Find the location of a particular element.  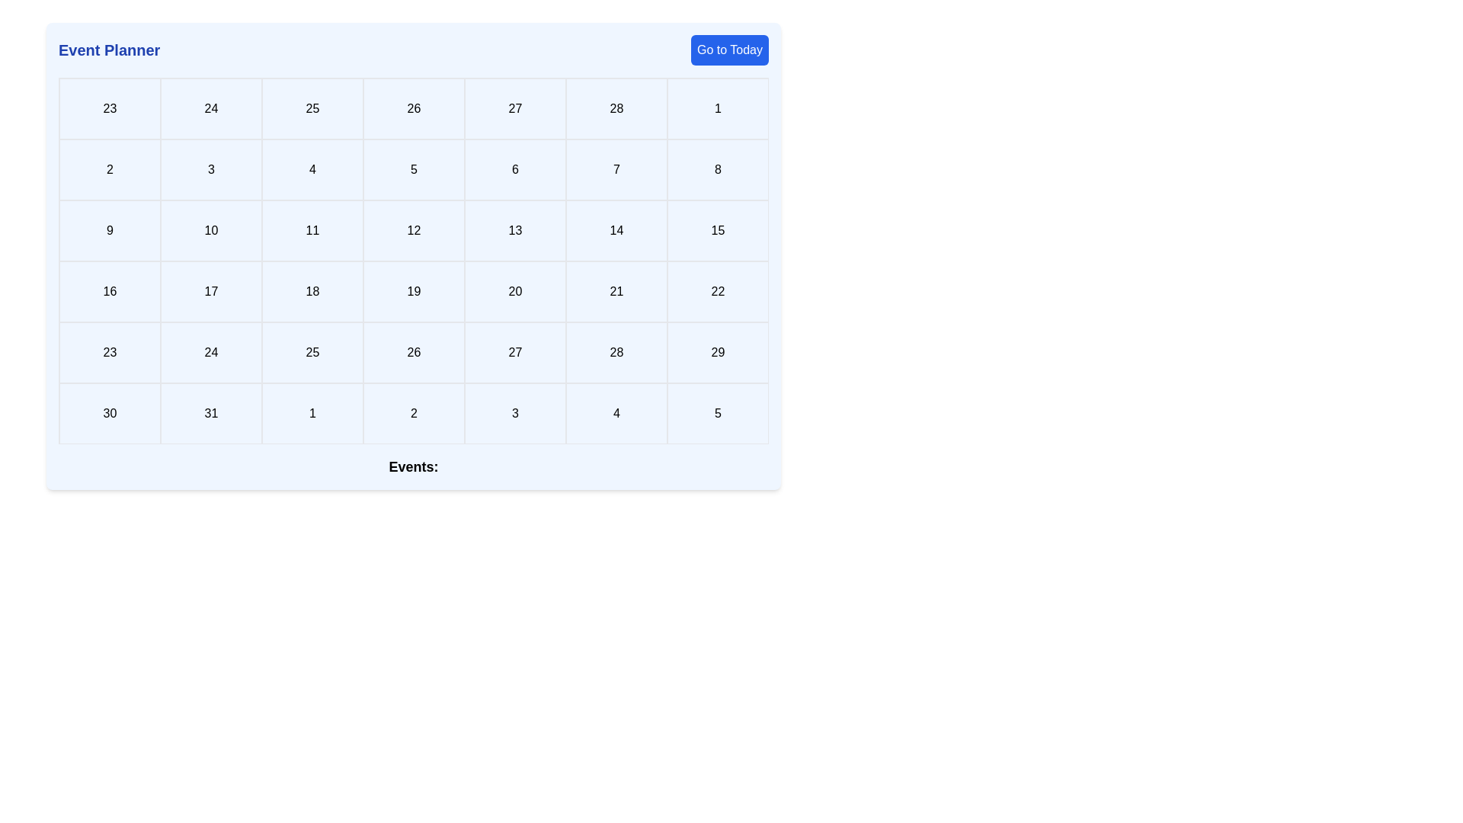

the button representing the selectable date '2' located in the second row, first column of the grid-based calendar interface is located at coordinates (109, 170).